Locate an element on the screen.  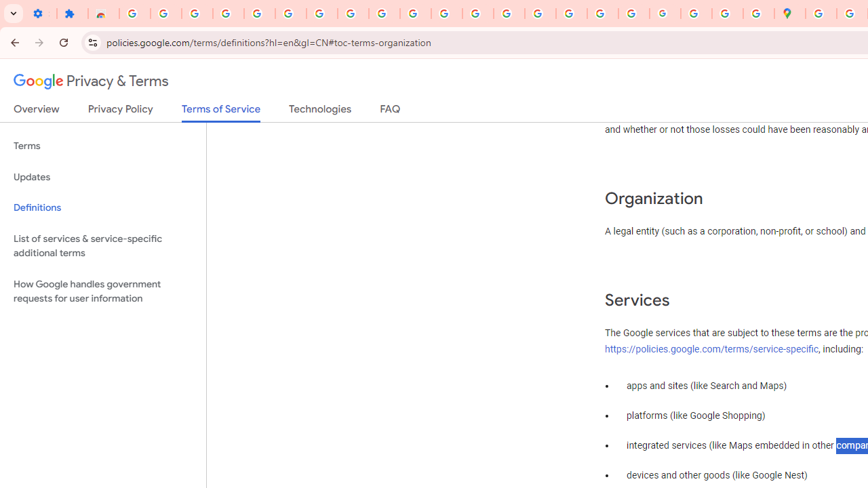
'Terms of Service' is located at coordinates (221, 112).